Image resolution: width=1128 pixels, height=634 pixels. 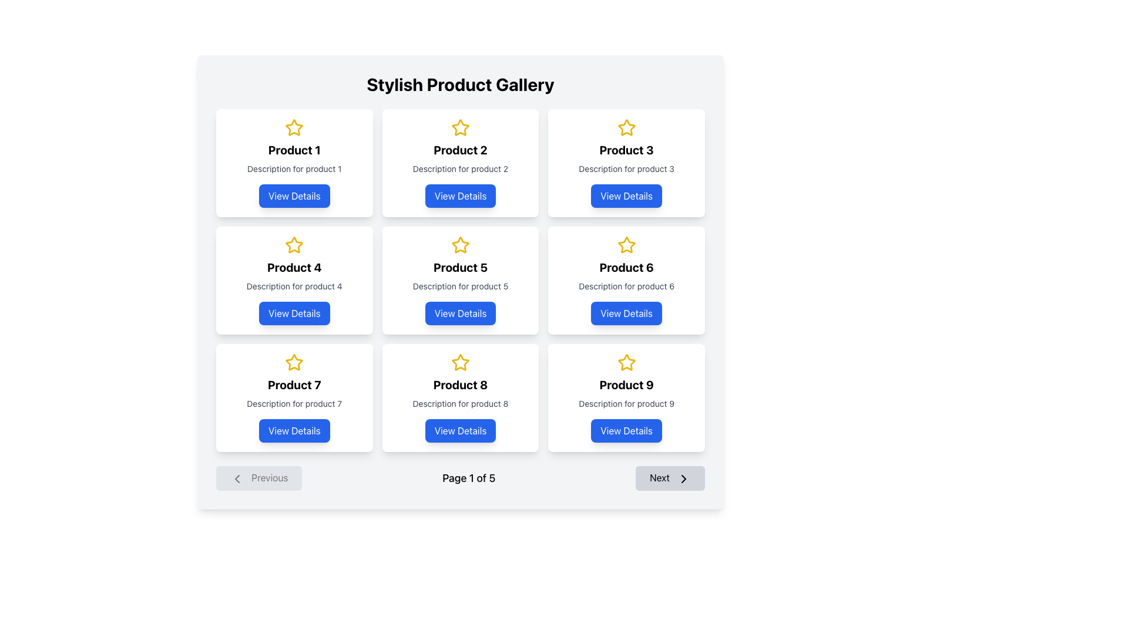 What do you see at coordinates (294, 163) in the screenshot?
I see `text and icon displayed on the product Card component located in the first row and first column of the 3x3 grid layout` at bounding box center [294, 163].